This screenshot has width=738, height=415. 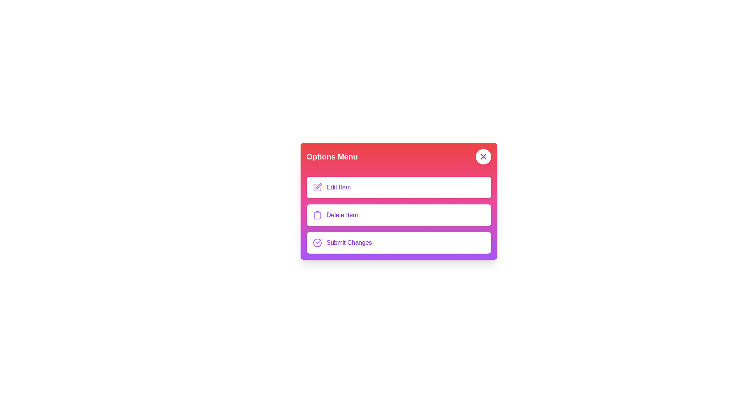 I want to click on the close button to toggle the menu visibility, so click(x=483, y=156).